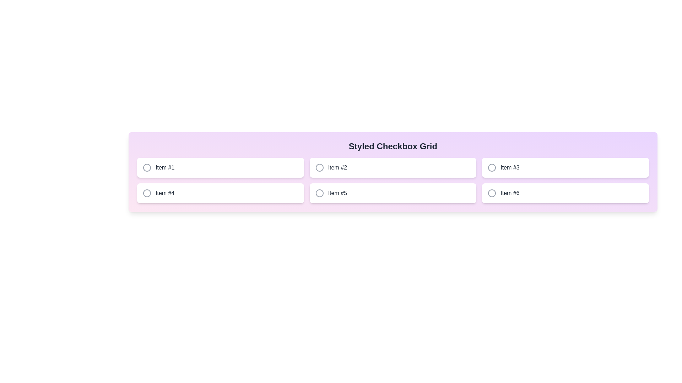  What do you see at coordinates (565, 193) in the screenshot?
I see `the button labeled Item #6 to observe style changes` at bounding box center [565, 193].